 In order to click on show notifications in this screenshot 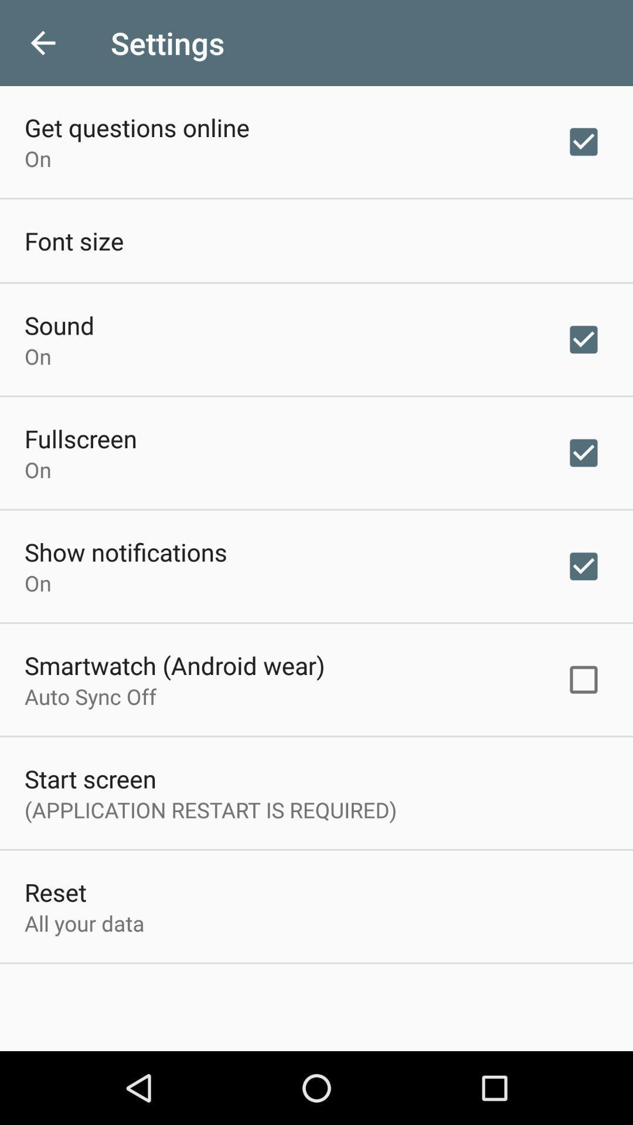, I will do `click(125, 551)`.